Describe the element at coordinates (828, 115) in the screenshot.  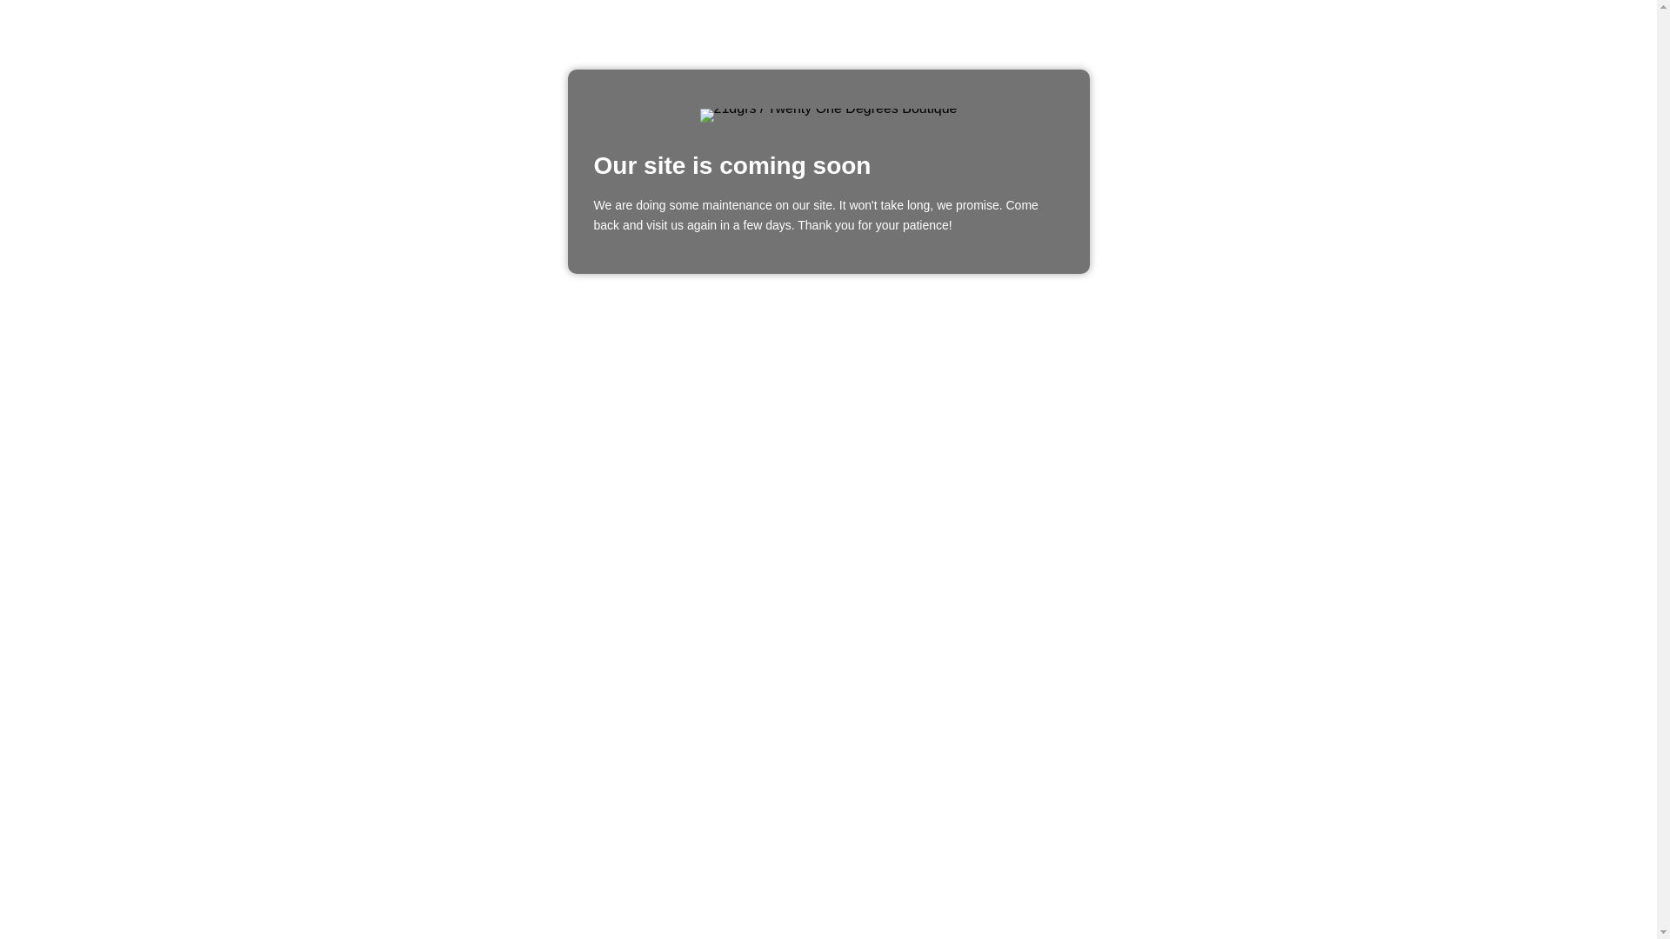
I see `'21dgrs / Twenty One Degrees Boutique'` at that location.